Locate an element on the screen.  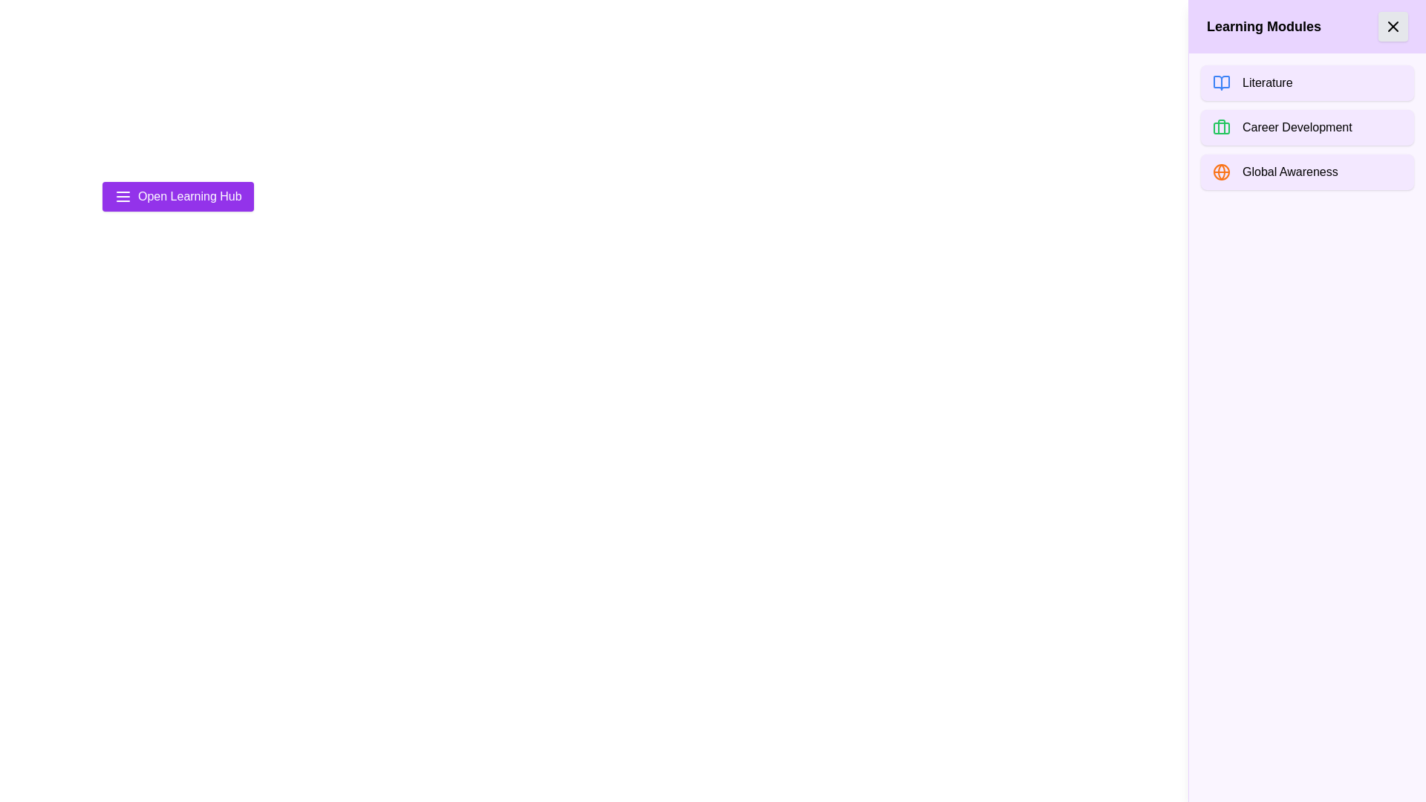
the 'X' button in the top right corner of the drawer to close it is located at coordinates (1393, 26).